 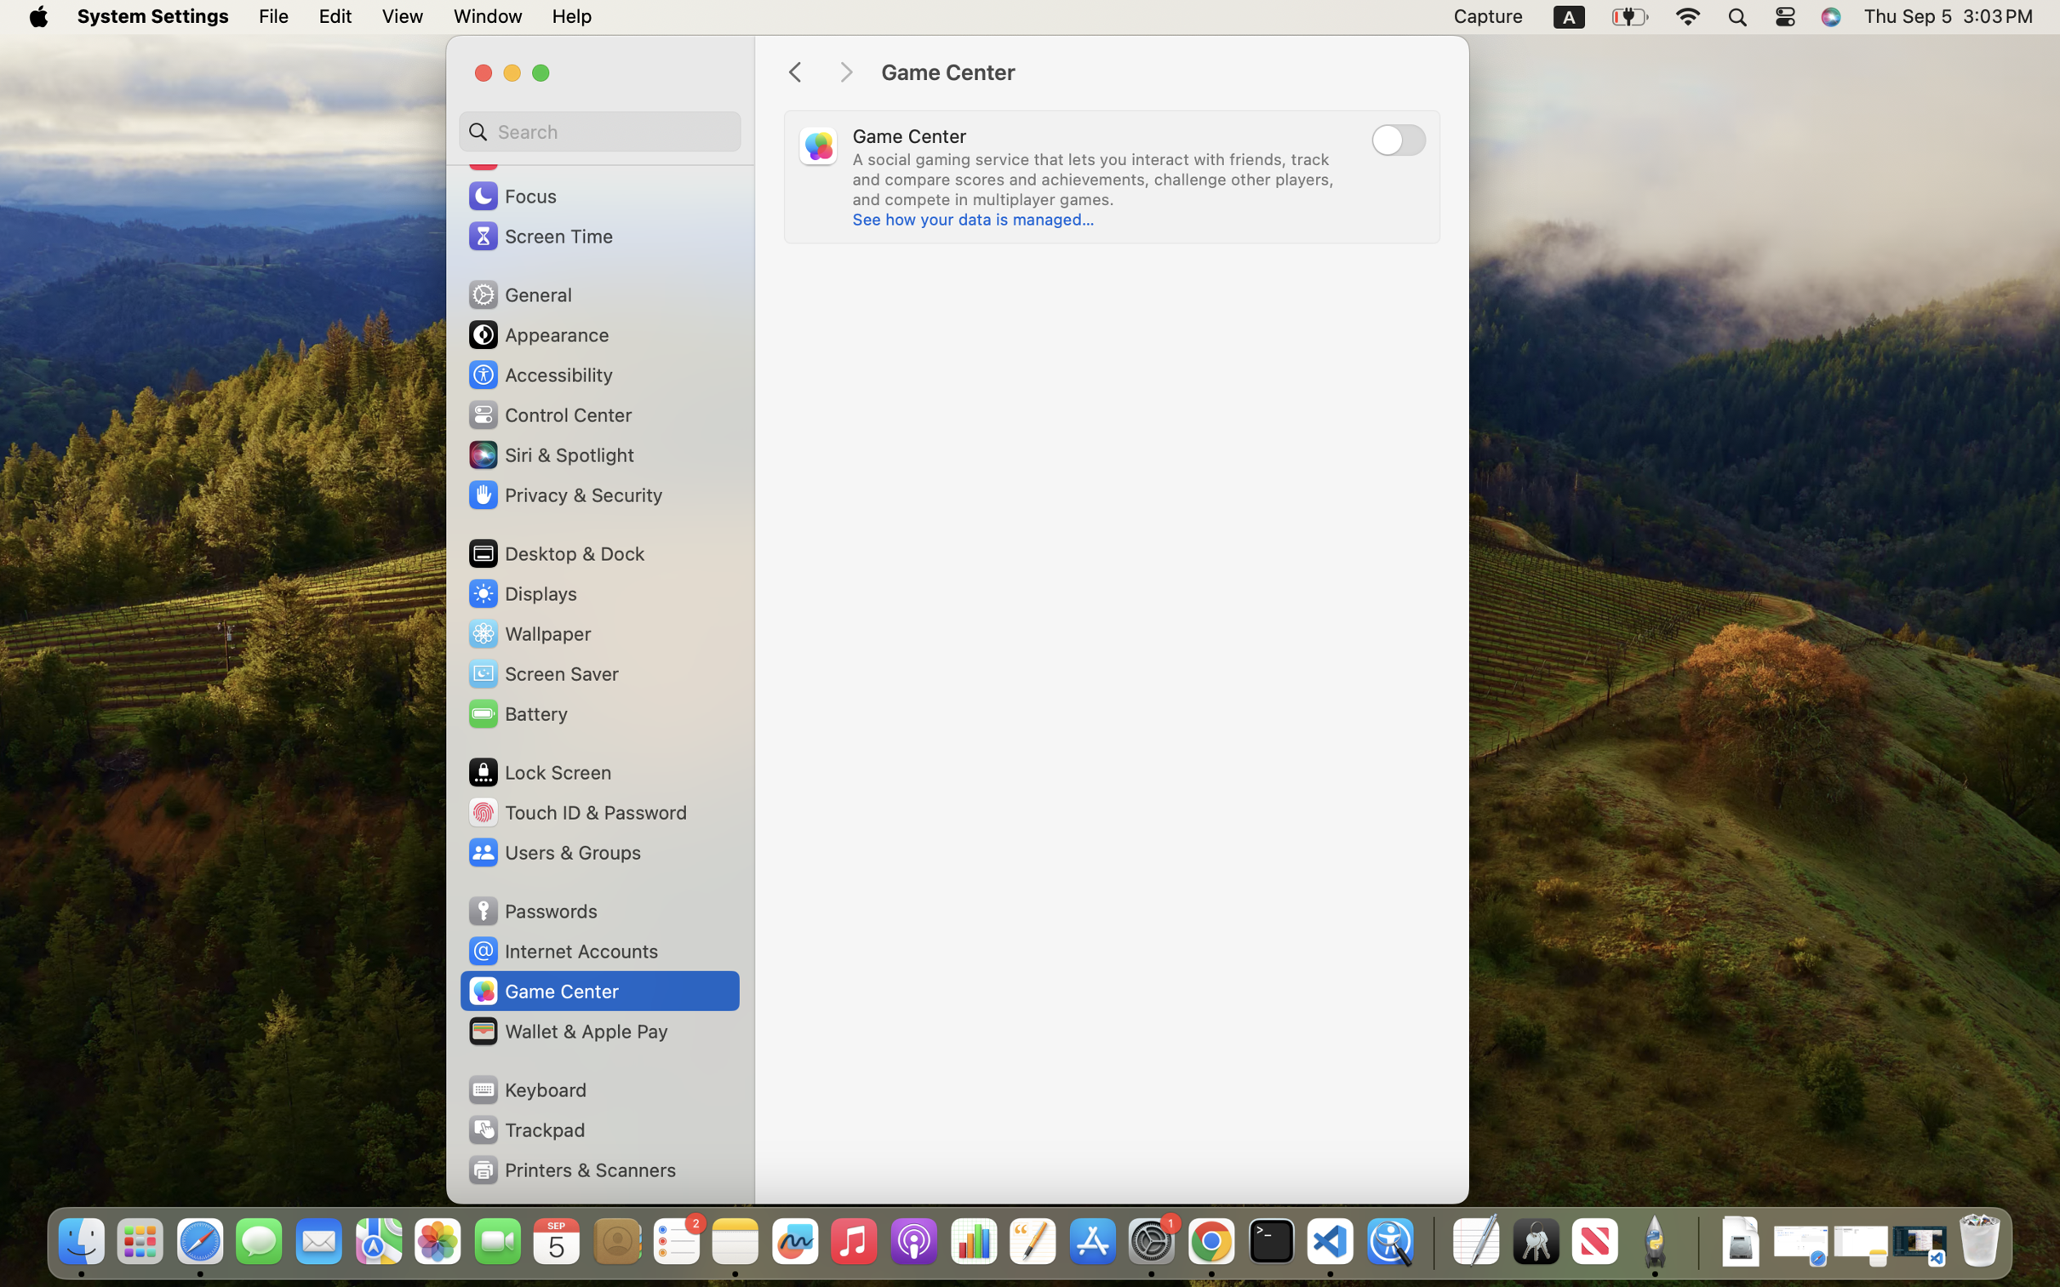 I want to click on 'Lock Screen', so click(x=538, y=771).